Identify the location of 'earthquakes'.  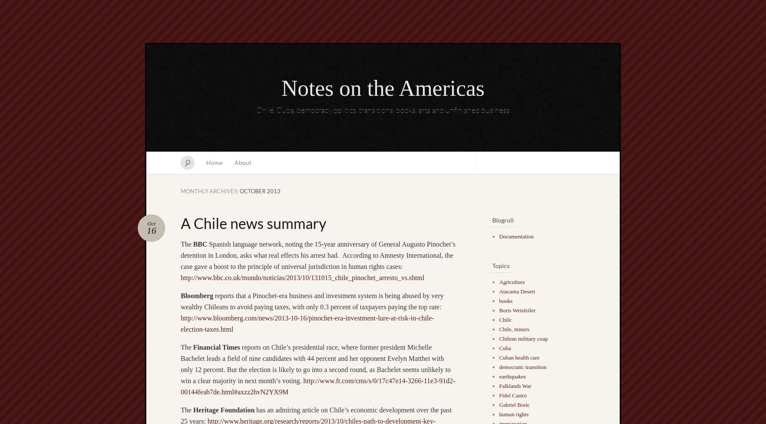
(512, 376).